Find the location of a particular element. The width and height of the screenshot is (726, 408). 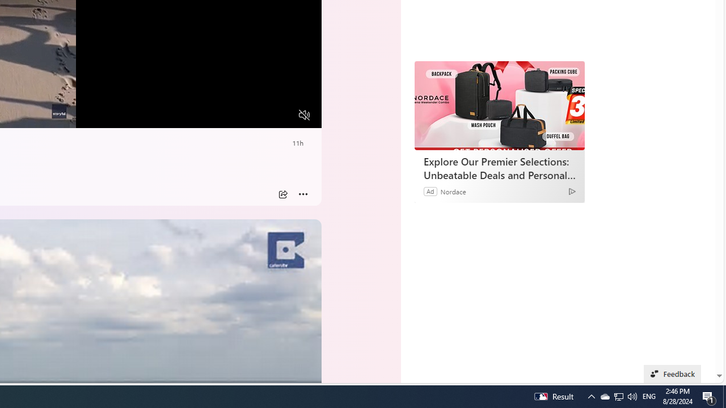

'Share' is located at coordinates (282, 194).